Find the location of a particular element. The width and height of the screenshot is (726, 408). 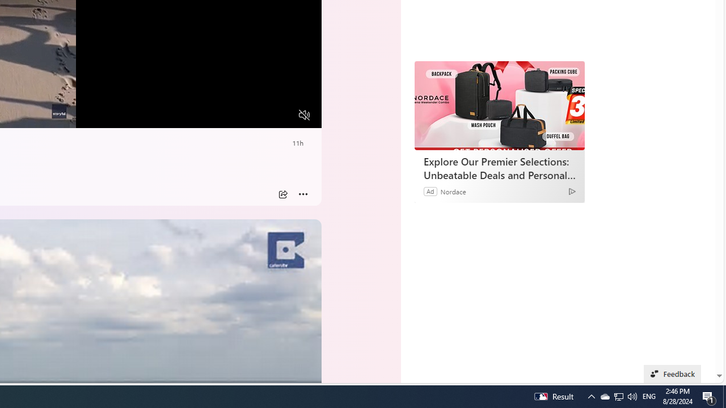

'Share' is located at coordinates (282, 194).